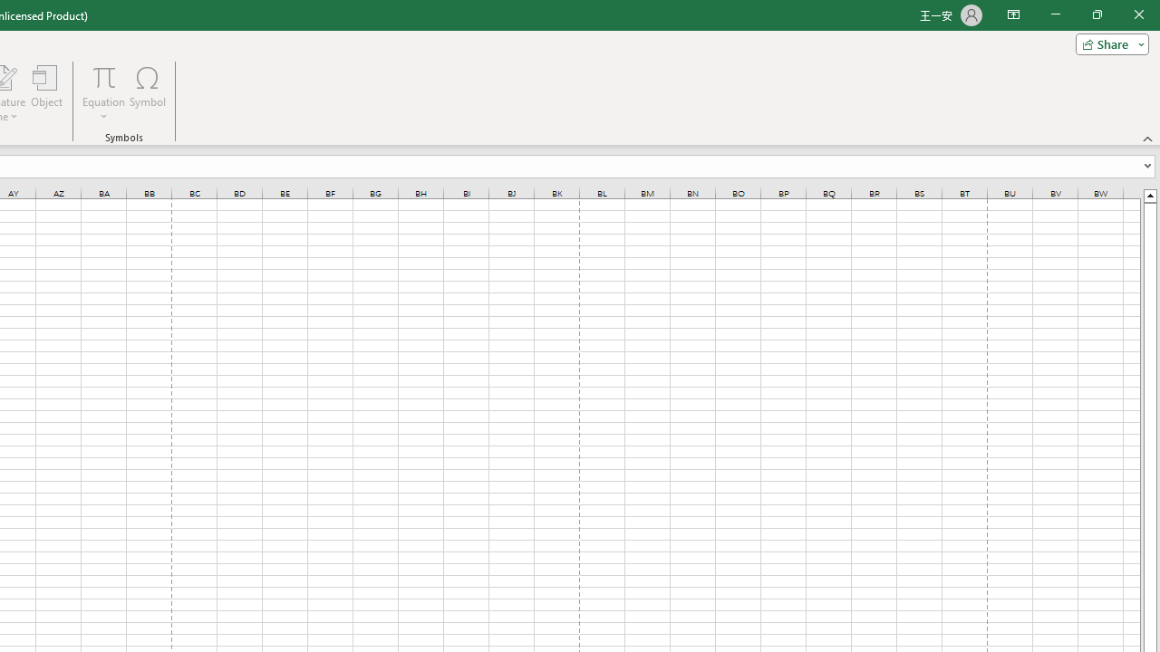 Image resolution: width=1160 pixels, height=652 pixels. Describe the element at coordinates (1149, 195) in the screenshot. I see `'Line up'` at that location.